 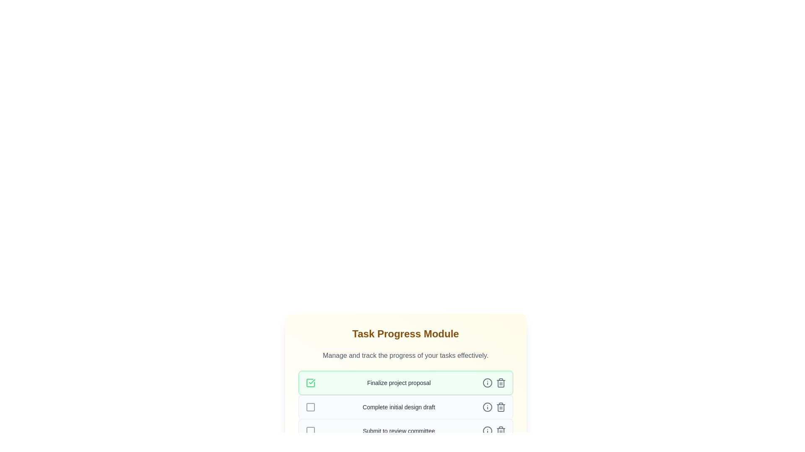 What do you see at coordinates (487, 406) in the screenshot?
I see `the circular information icon with a dark gray outline` at bounding box center [487, 406].